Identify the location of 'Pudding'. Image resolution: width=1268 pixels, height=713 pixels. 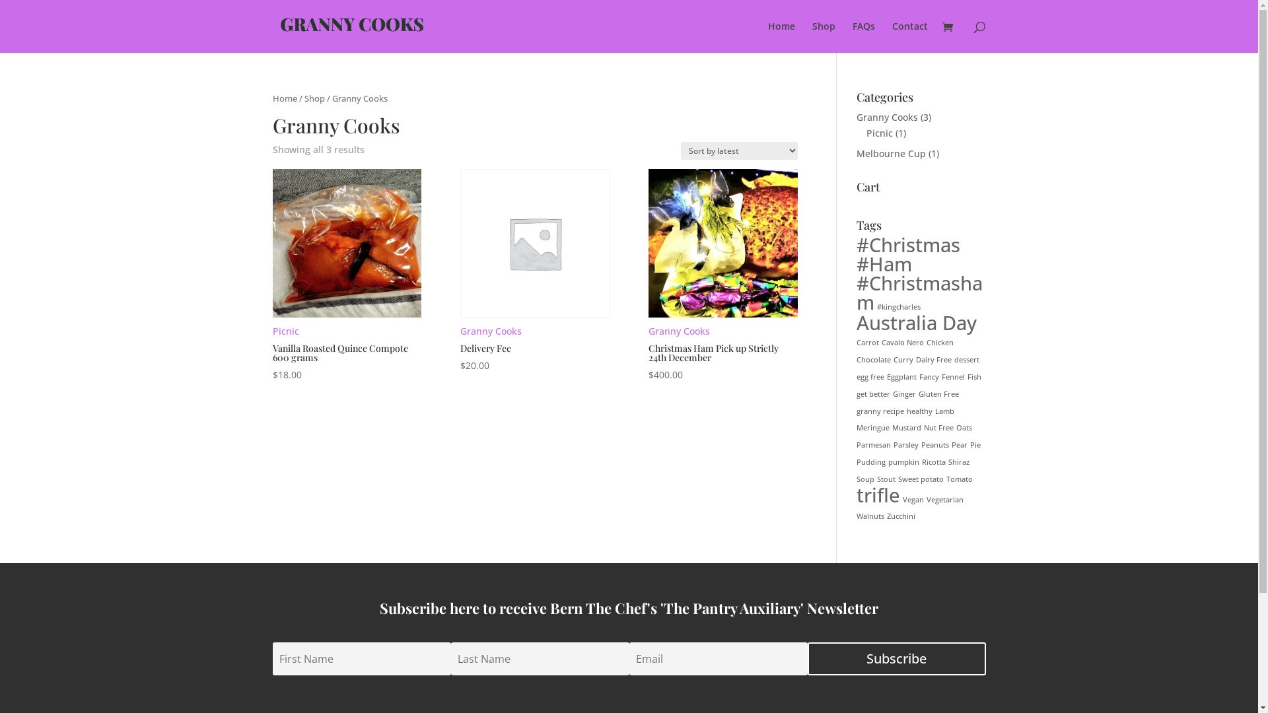
(871, 461).